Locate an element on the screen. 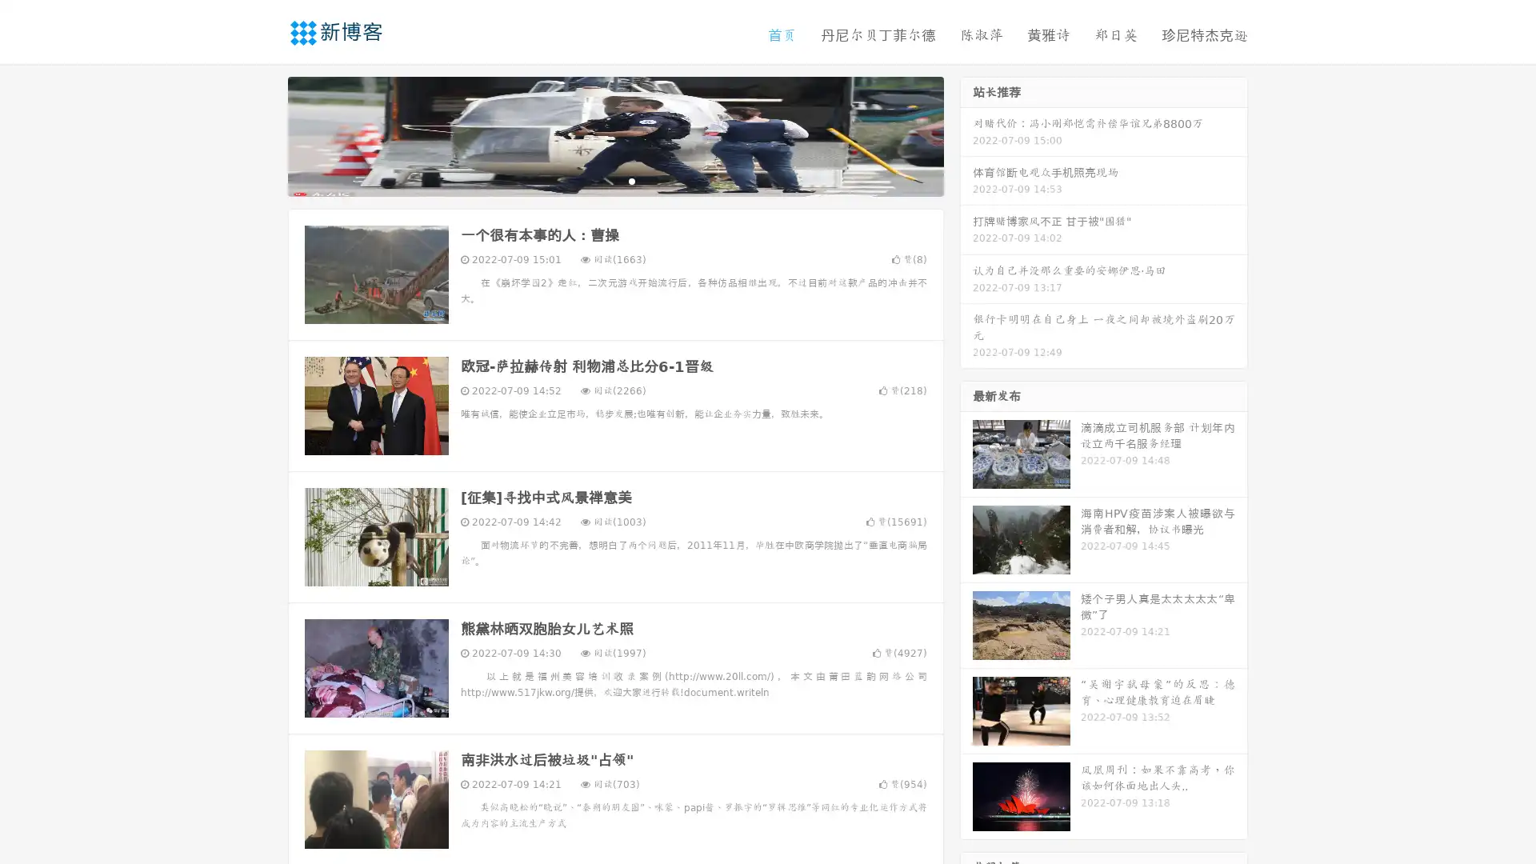  Go to slide 3 is located at coordinates (631, 180).